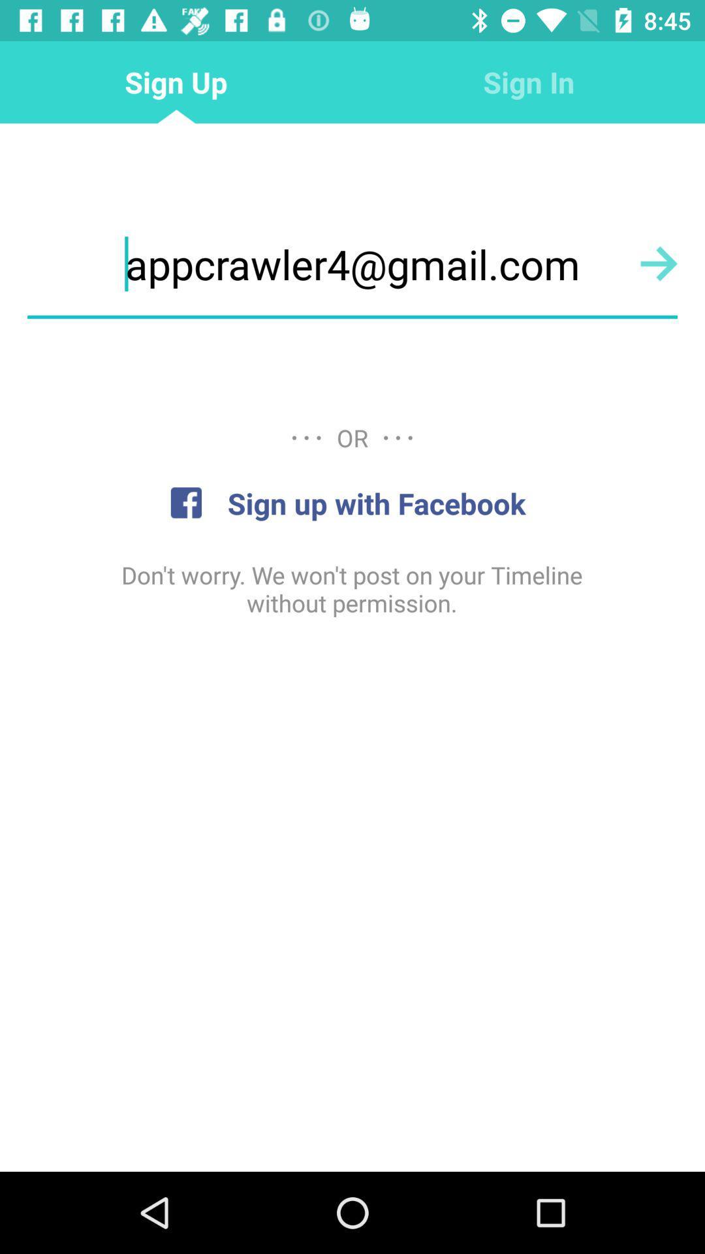 The image size is (705, 1254). I want to click on icon below the sign up item, so click(352, 263).